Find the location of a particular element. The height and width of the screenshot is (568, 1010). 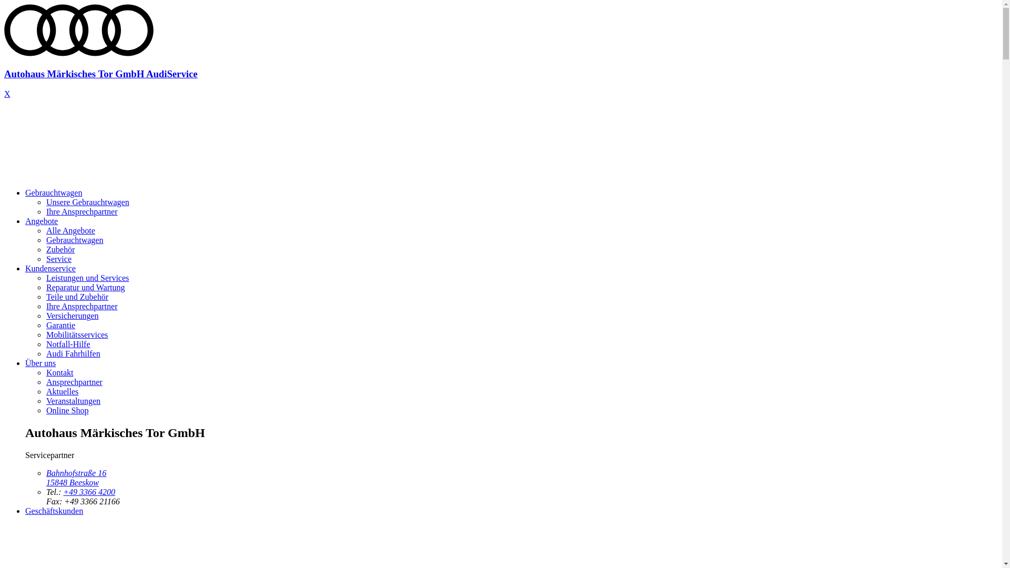

'Reparatur und Wartung' is located at coordinates (85, 287).